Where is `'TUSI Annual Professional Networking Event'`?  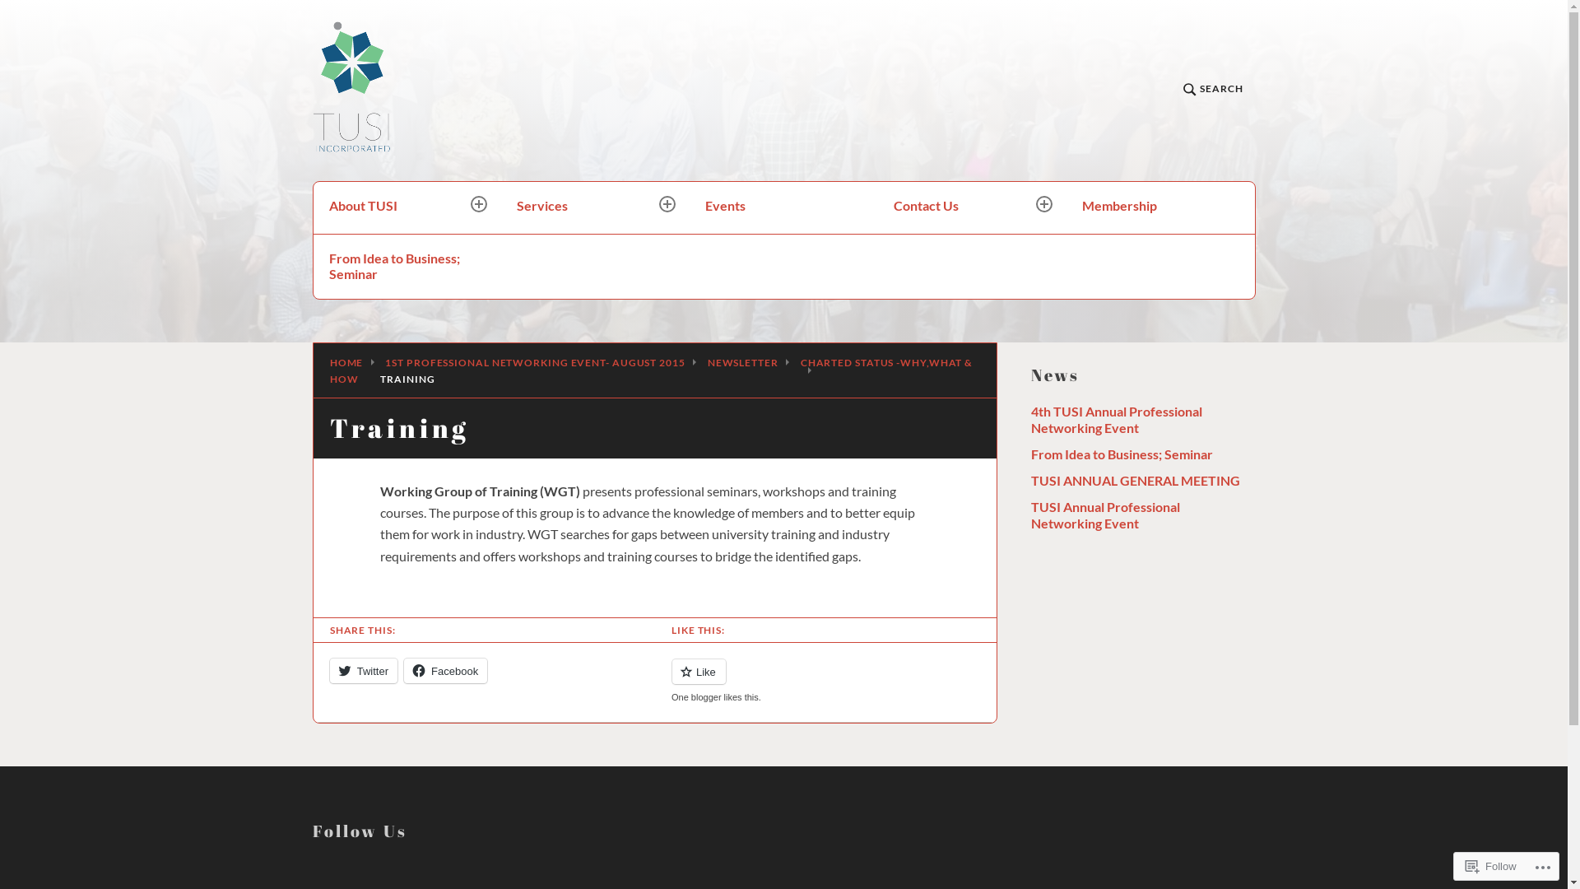
'TUSI Annual Professional Networking Event' is located at coordinates (1104, 514).